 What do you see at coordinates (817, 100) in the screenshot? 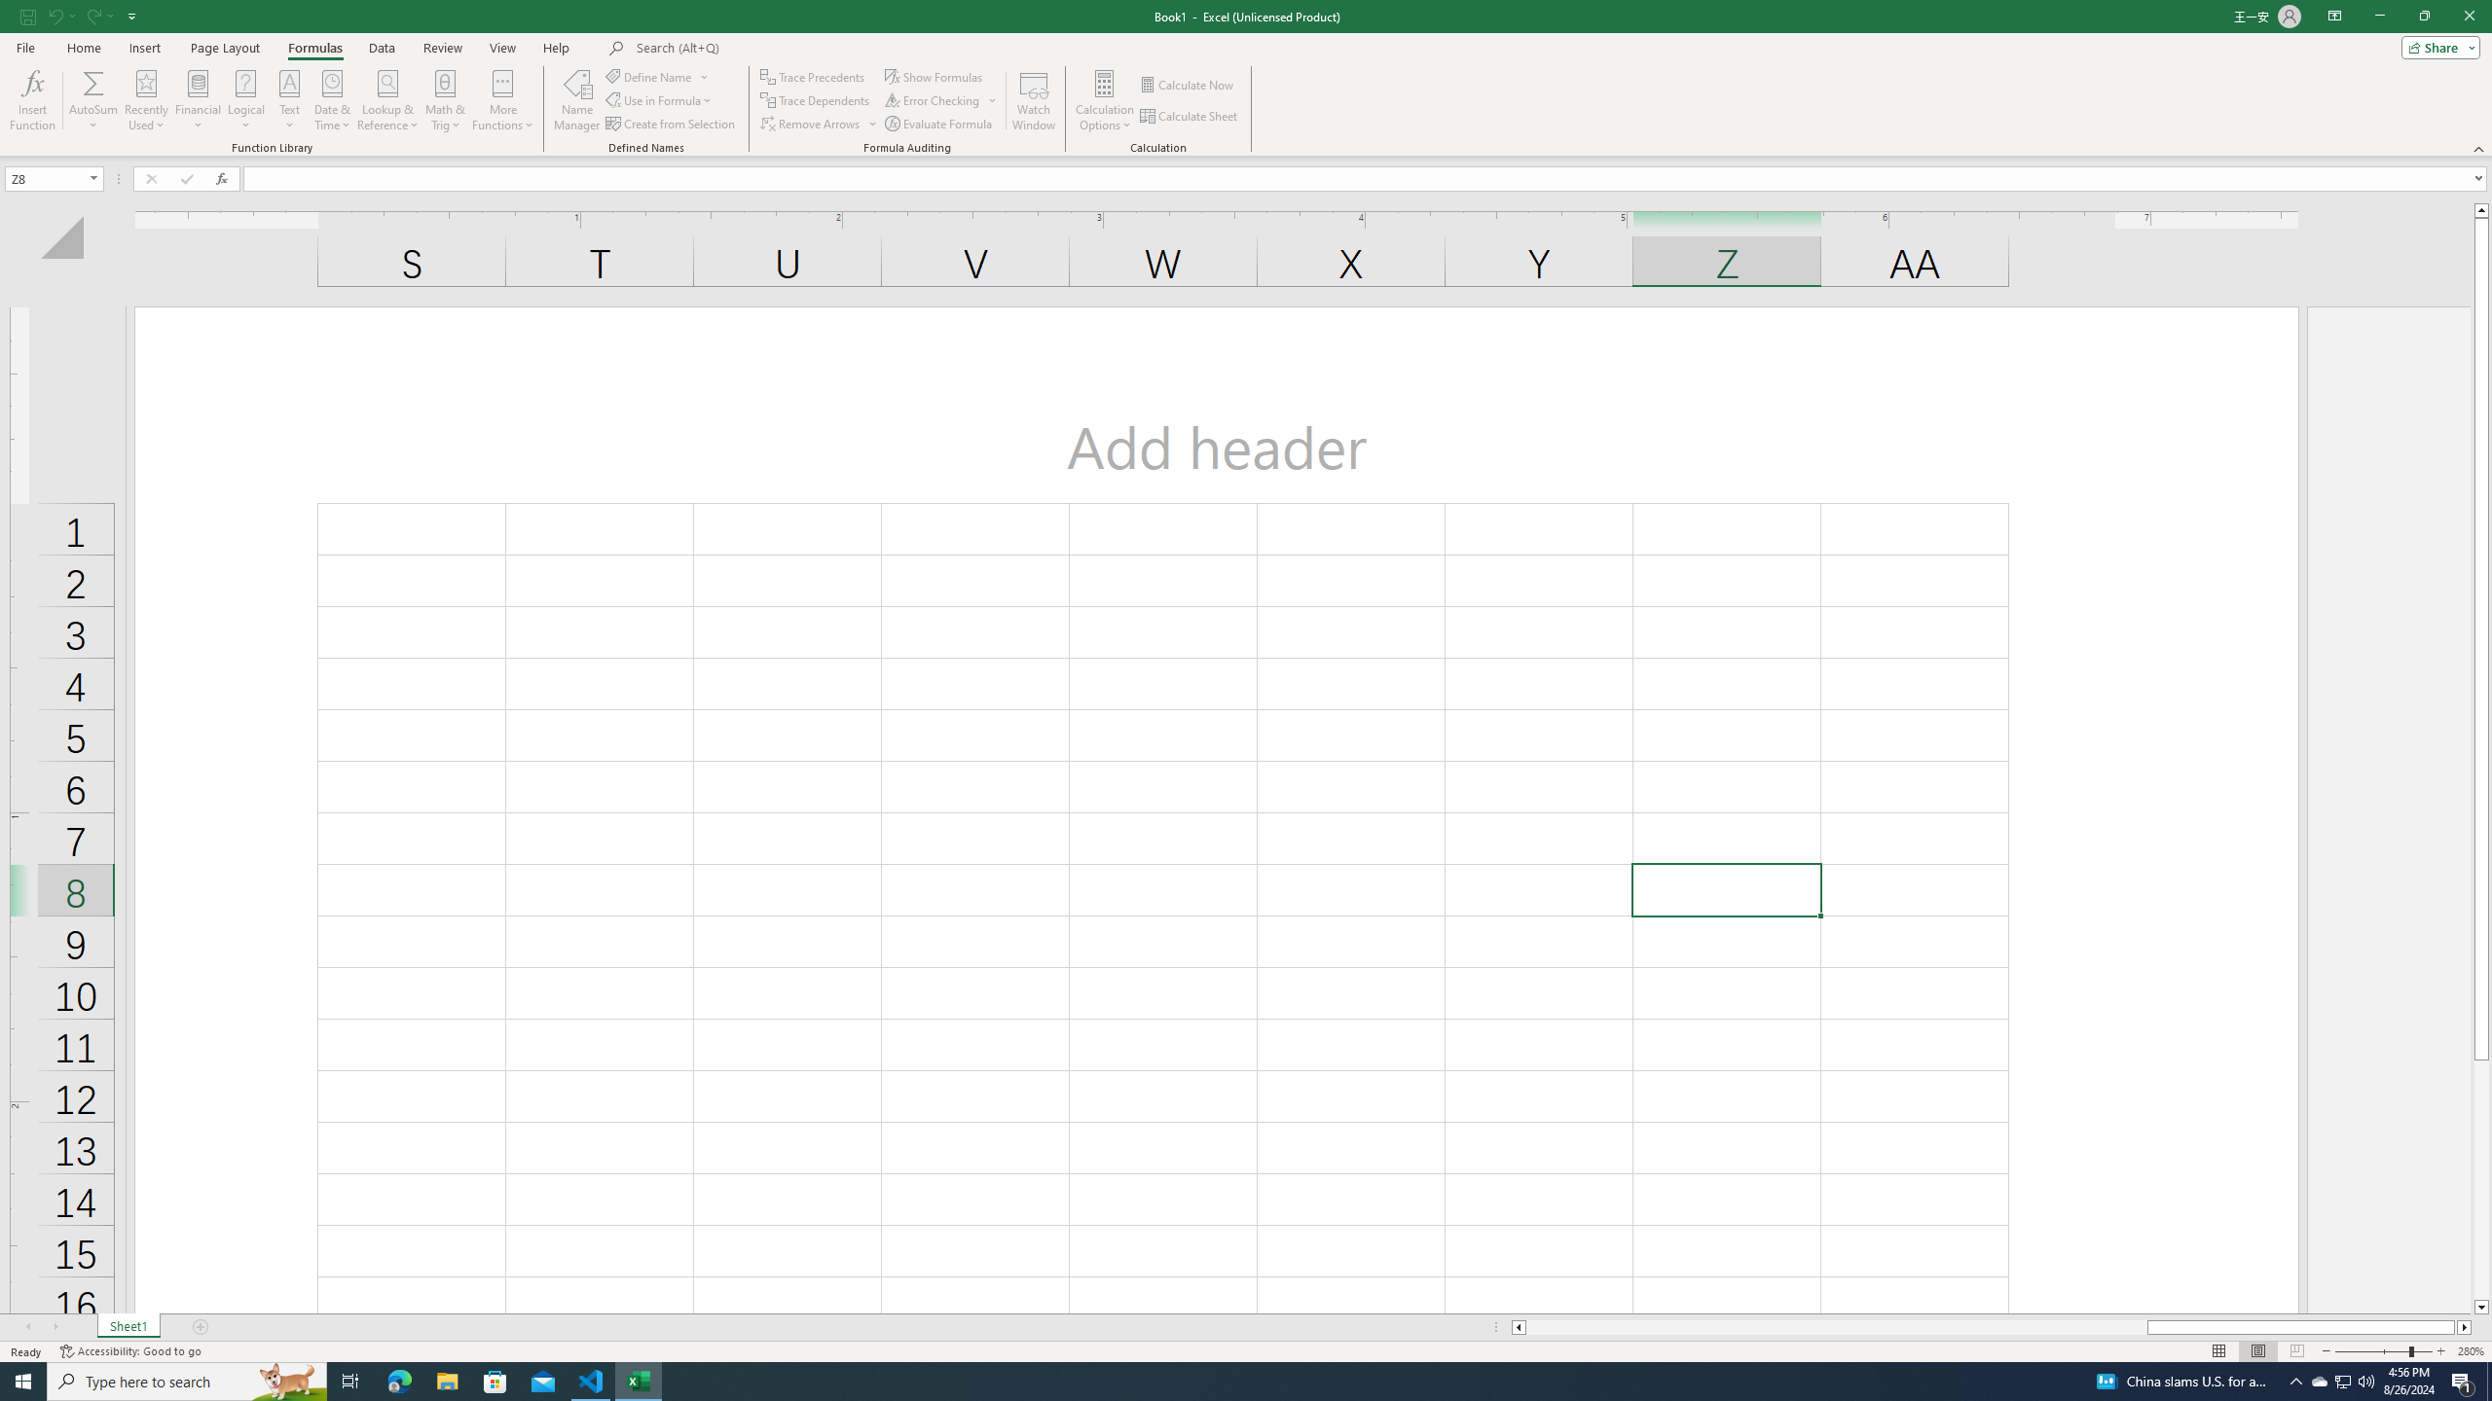
I see `'Trace Dependents'` at bounding box center [817, 100].